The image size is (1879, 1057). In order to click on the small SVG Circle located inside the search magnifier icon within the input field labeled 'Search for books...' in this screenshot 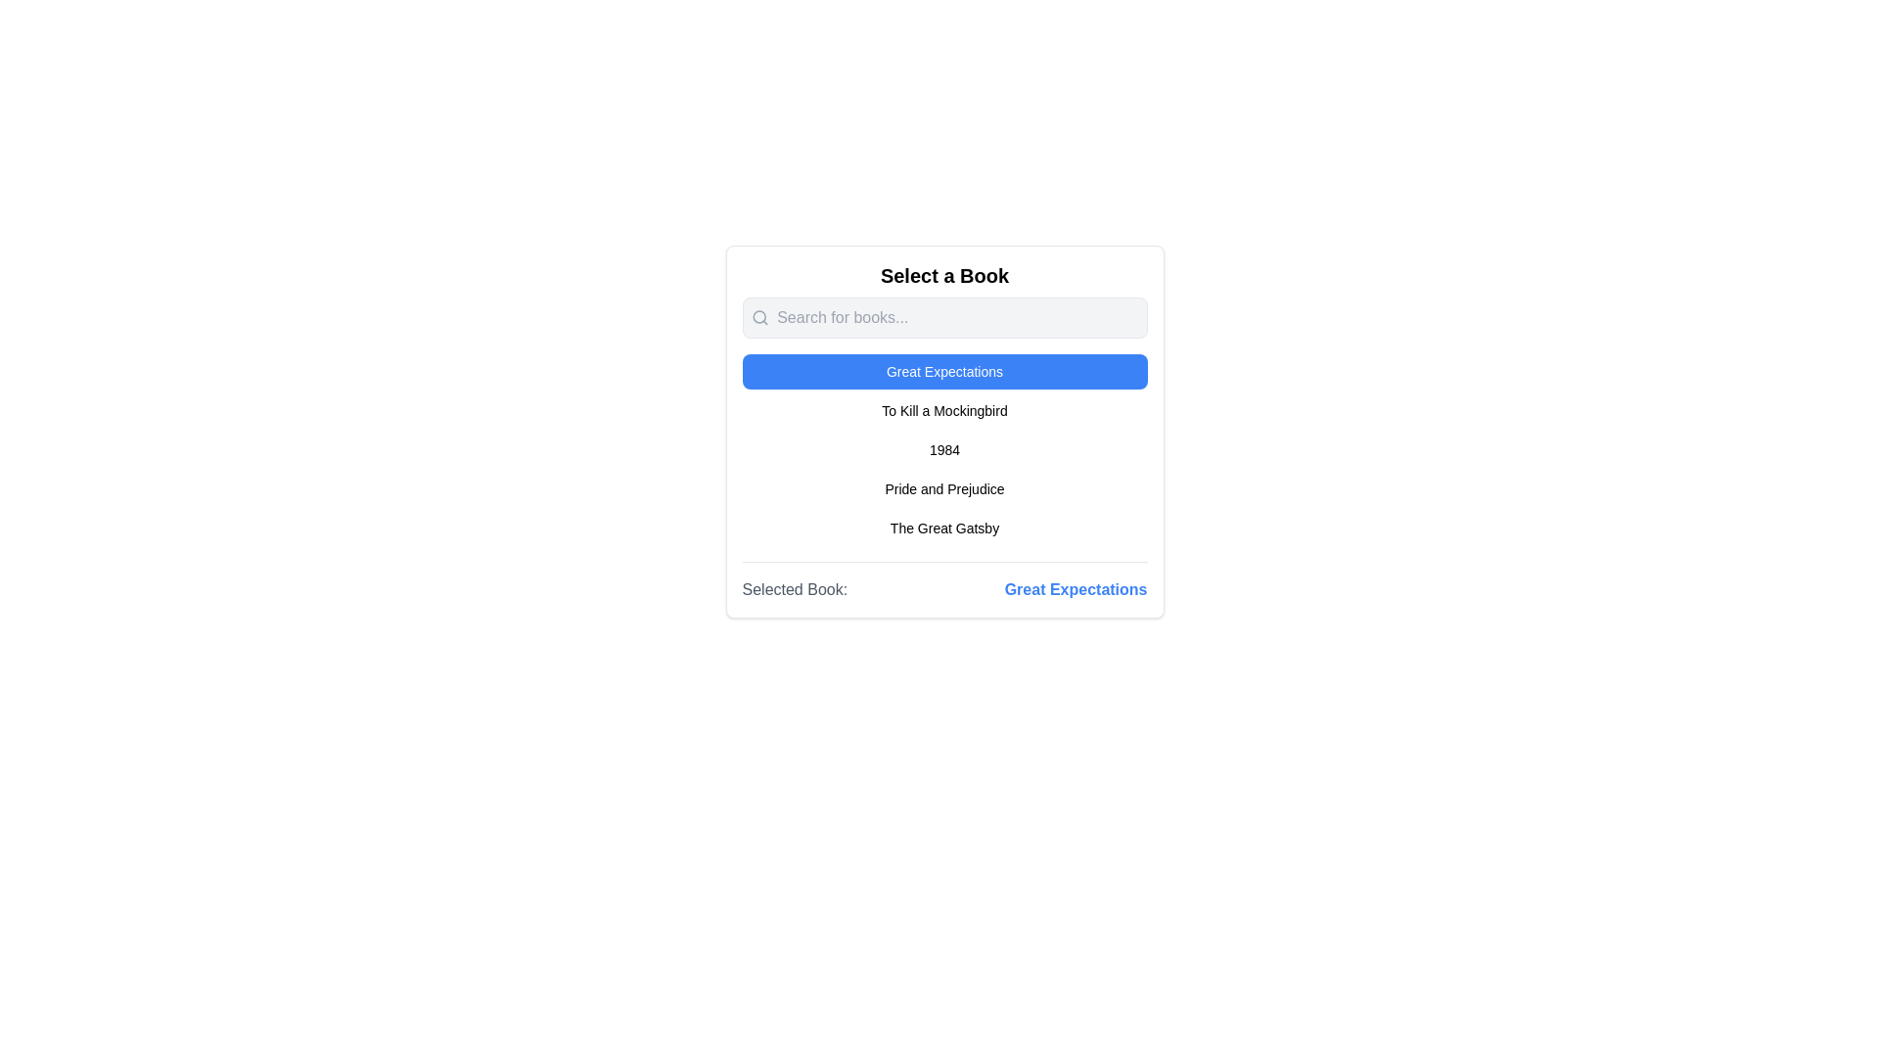, I will do `click(758, 316)`.